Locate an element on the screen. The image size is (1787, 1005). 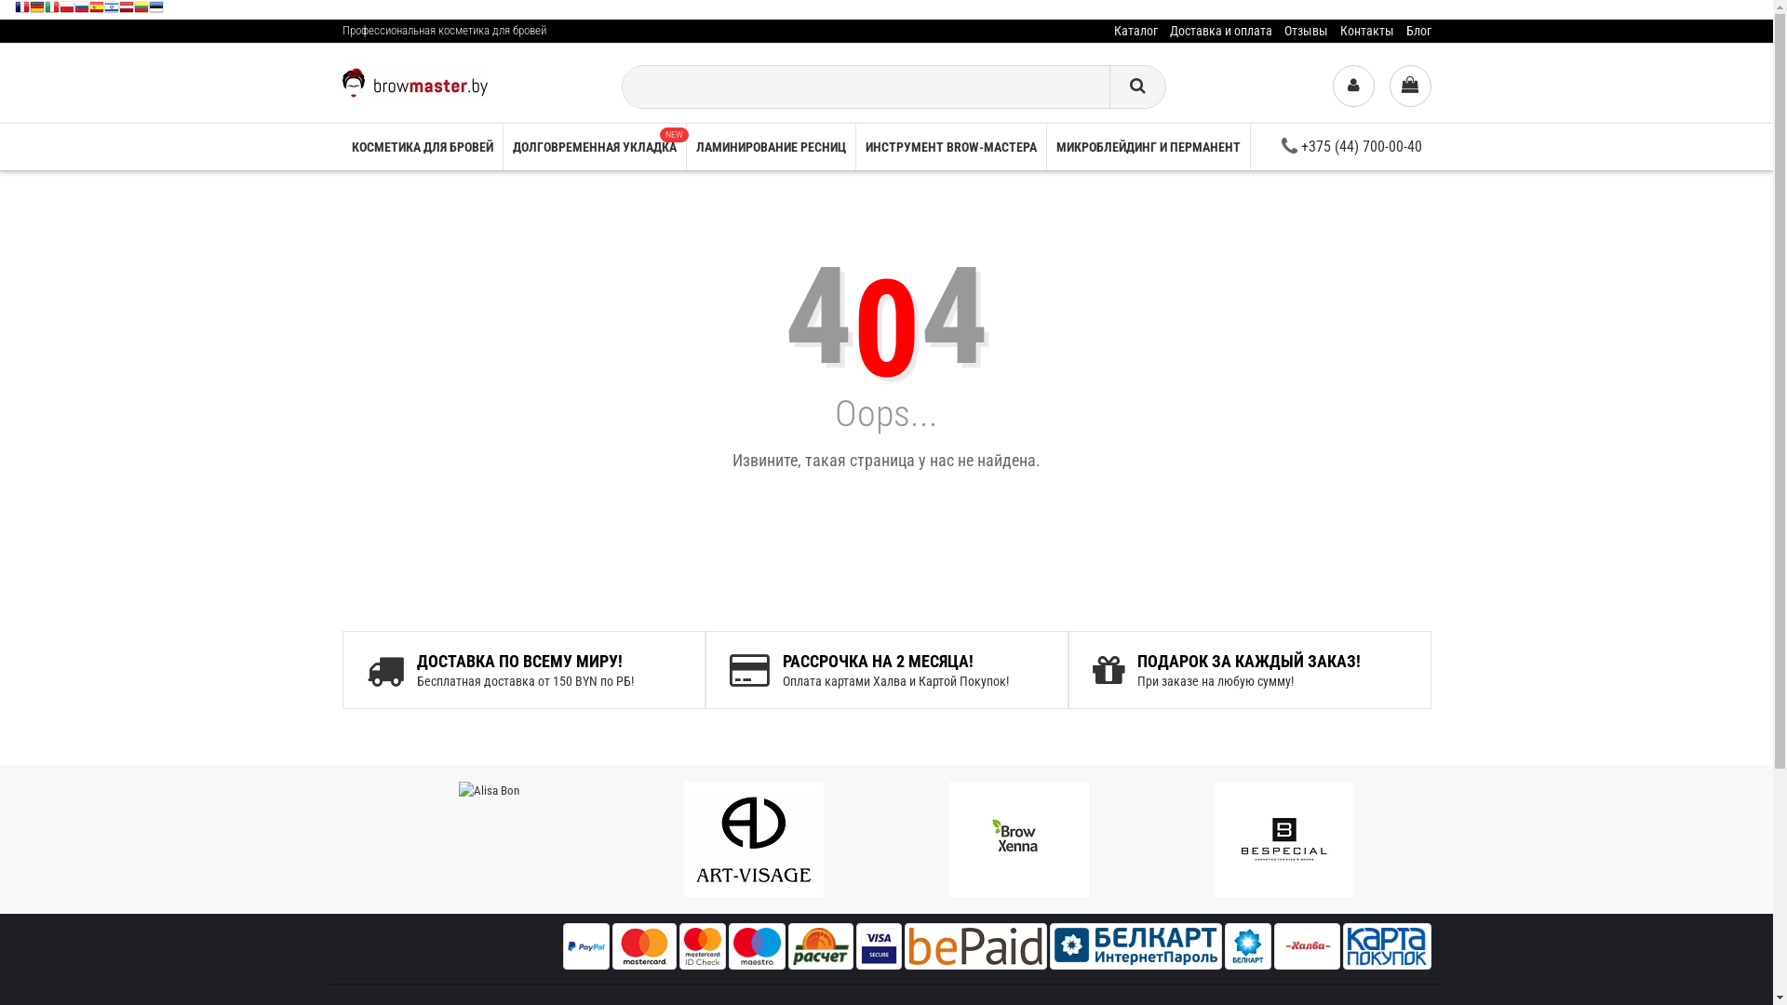
'bepaid' is located at coordinates (974, 946).